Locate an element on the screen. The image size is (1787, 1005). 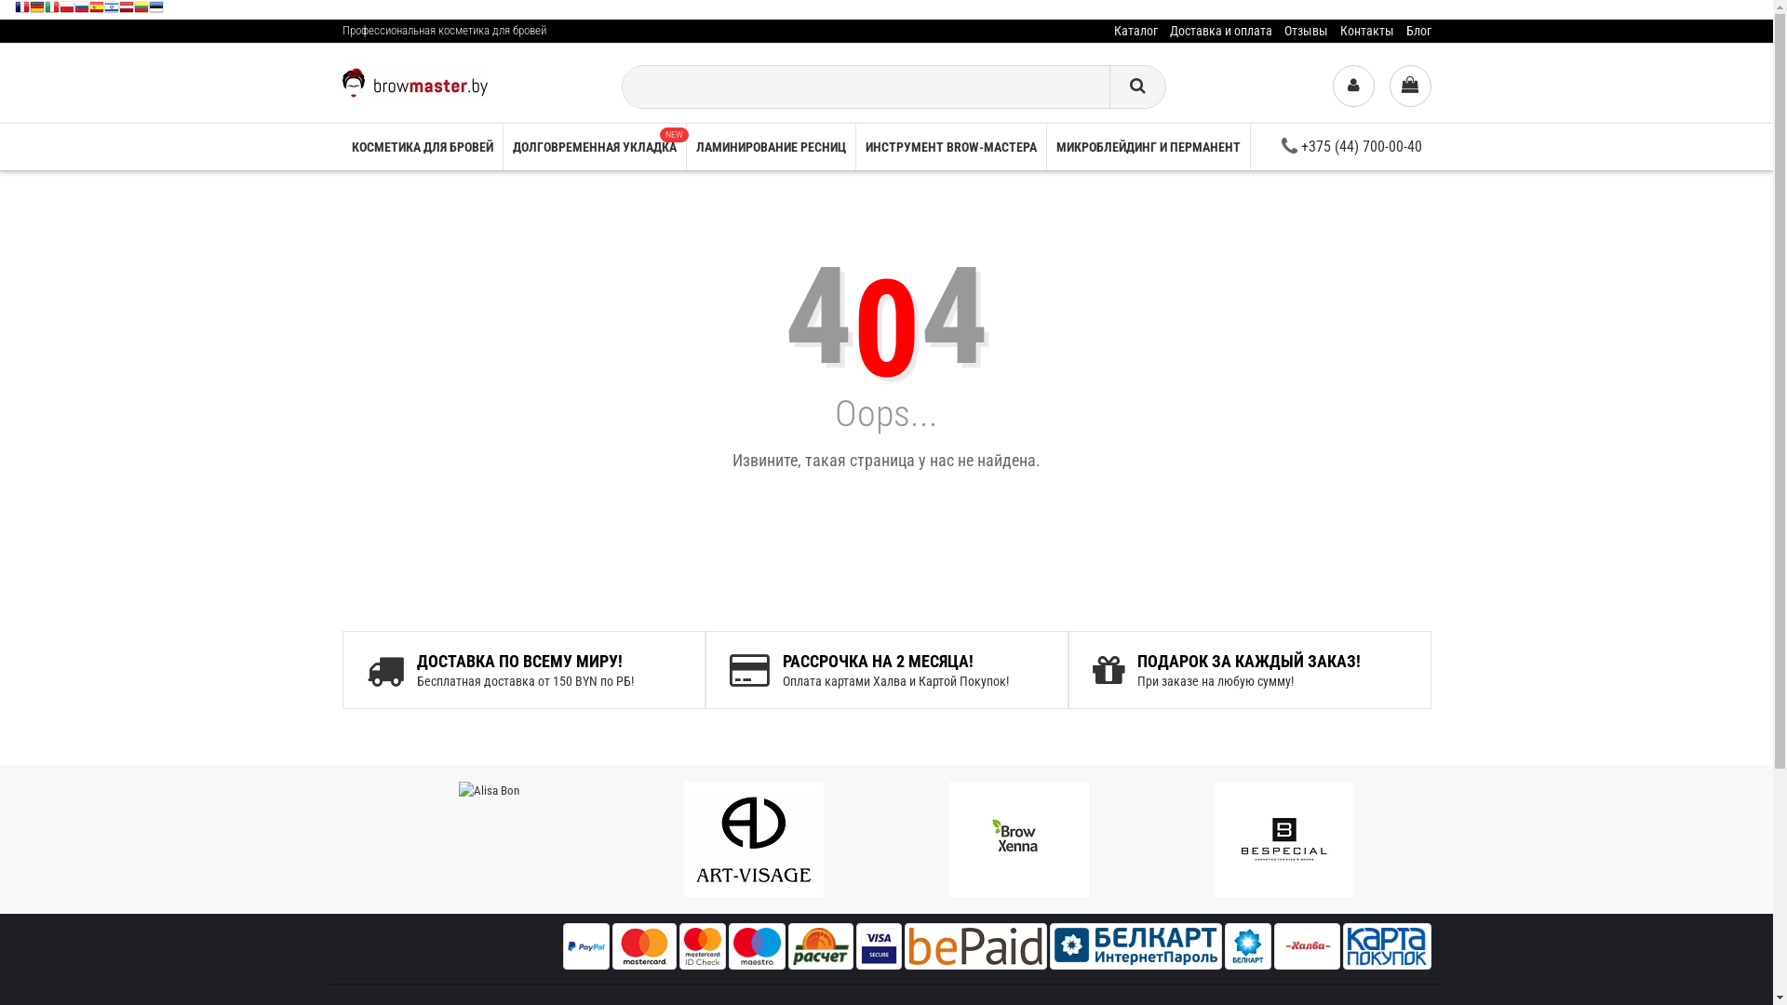
'bepaid' is located at coordinates (974, 946).